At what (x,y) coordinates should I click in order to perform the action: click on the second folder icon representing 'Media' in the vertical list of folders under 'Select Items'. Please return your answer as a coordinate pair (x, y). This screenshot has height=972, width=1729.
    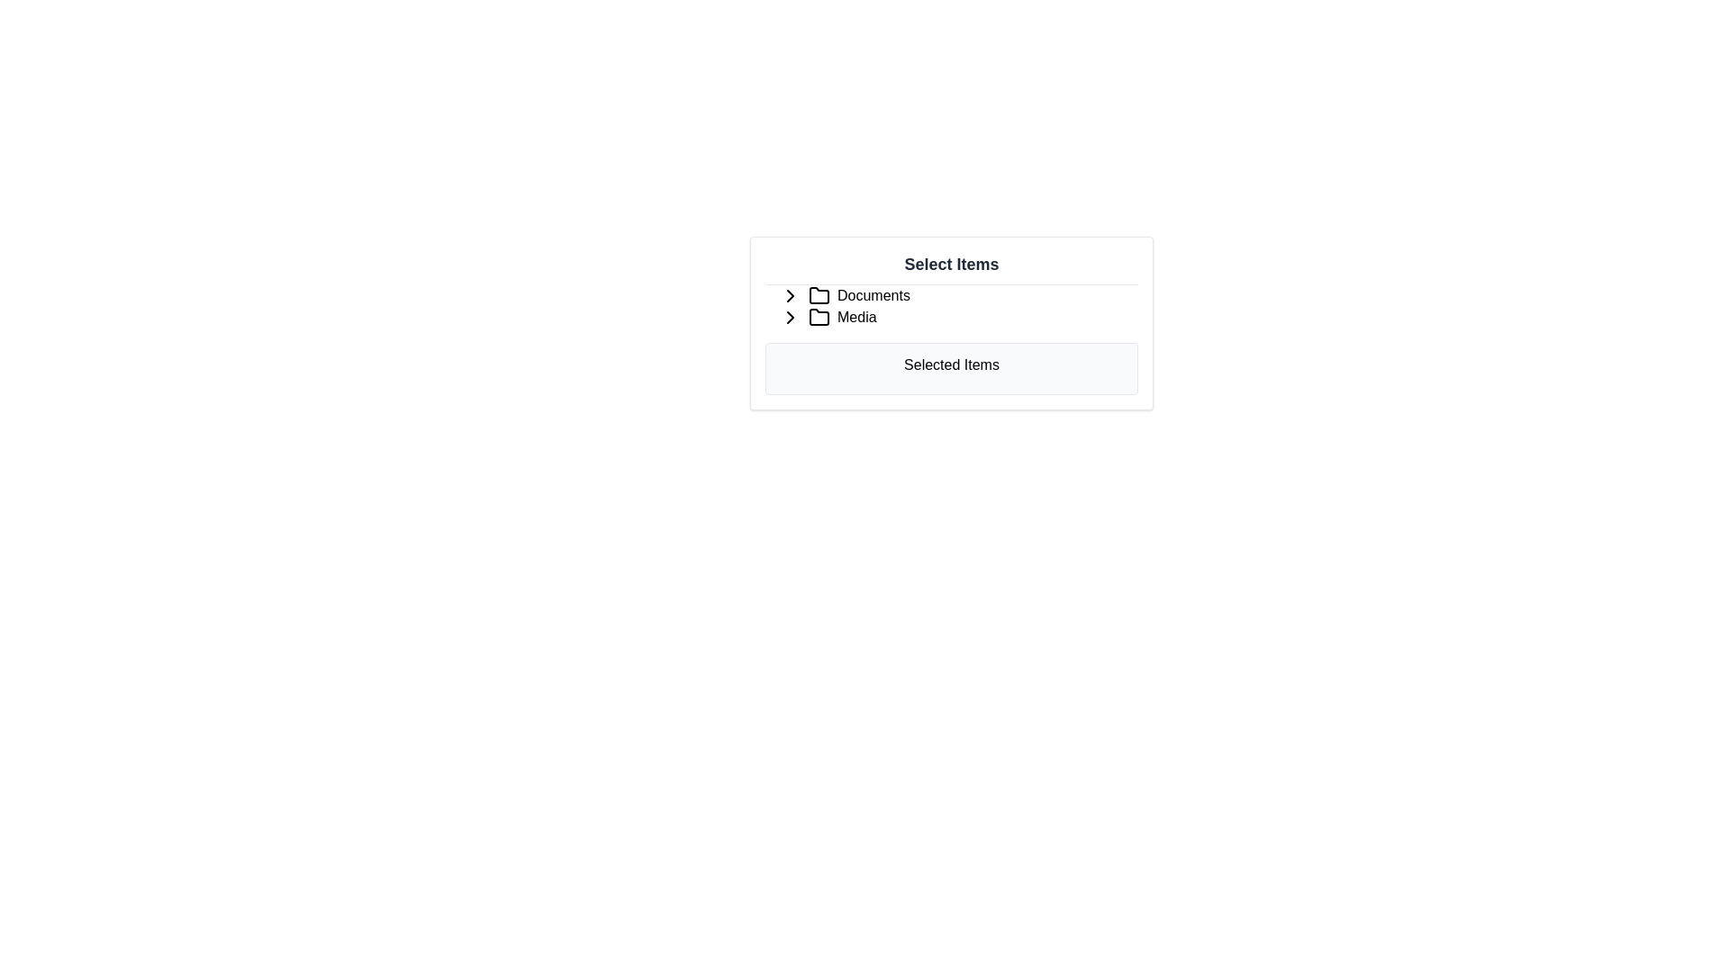
    Looking at the image, I should click on (819, 315).